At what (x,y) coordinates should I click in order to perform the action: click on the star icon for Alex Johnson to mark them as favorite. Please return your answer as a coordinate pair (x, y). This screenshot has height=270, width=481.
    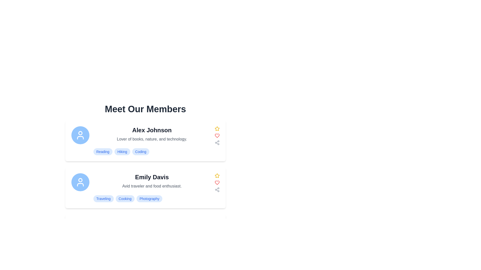
    Looking at the image, I should click on (217, 128).